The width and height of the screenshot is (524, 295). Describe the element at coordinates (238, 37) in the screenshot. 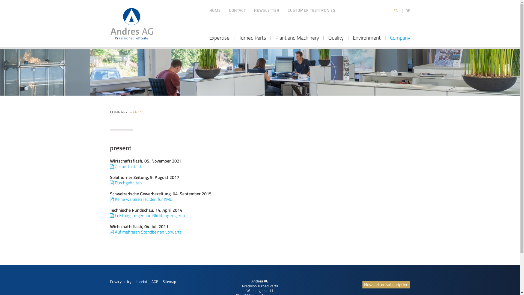

I see `'Turned Parts'` at that location.